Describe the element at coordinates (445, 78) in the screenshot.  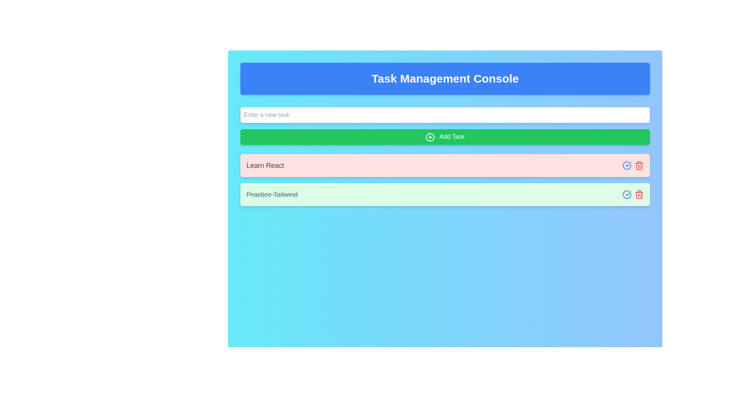
I see `the static text label with the blue background and white bold text reading 'Task Management Console', located at the top of the interface` at that location.